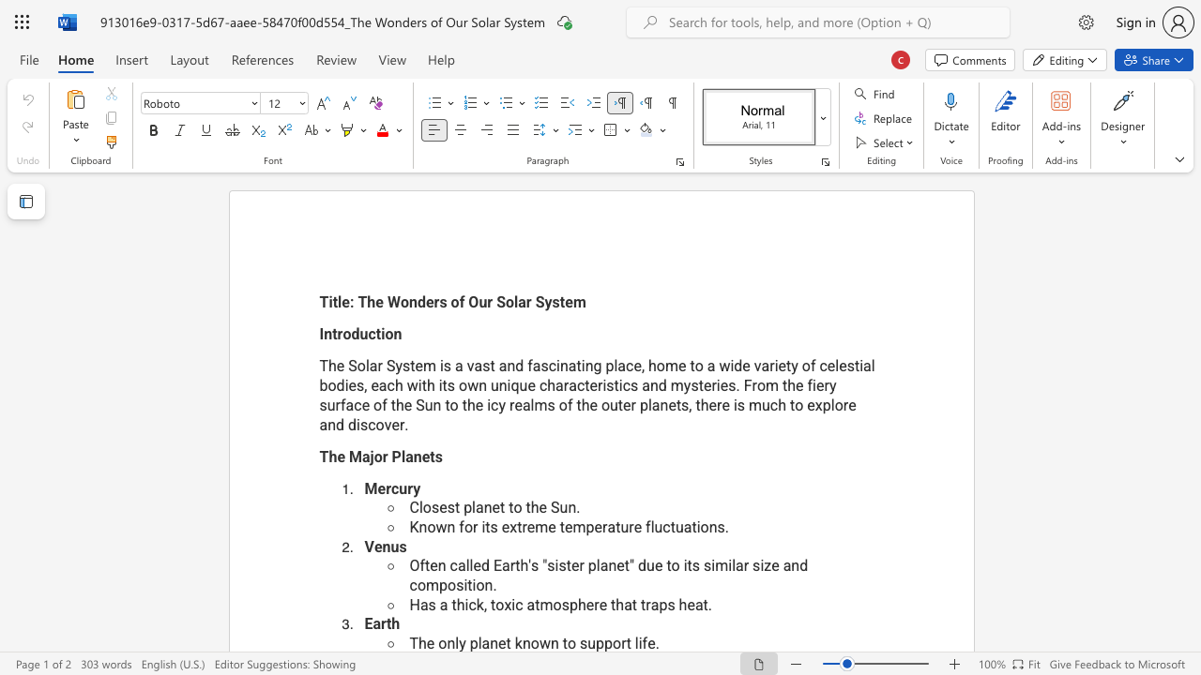 This screenshot has width=1201, height=675. Describe the element at coordinates (483, 507) in the screenshot. I see `the space between the continuous character "a" and "n" in the text` at that location.